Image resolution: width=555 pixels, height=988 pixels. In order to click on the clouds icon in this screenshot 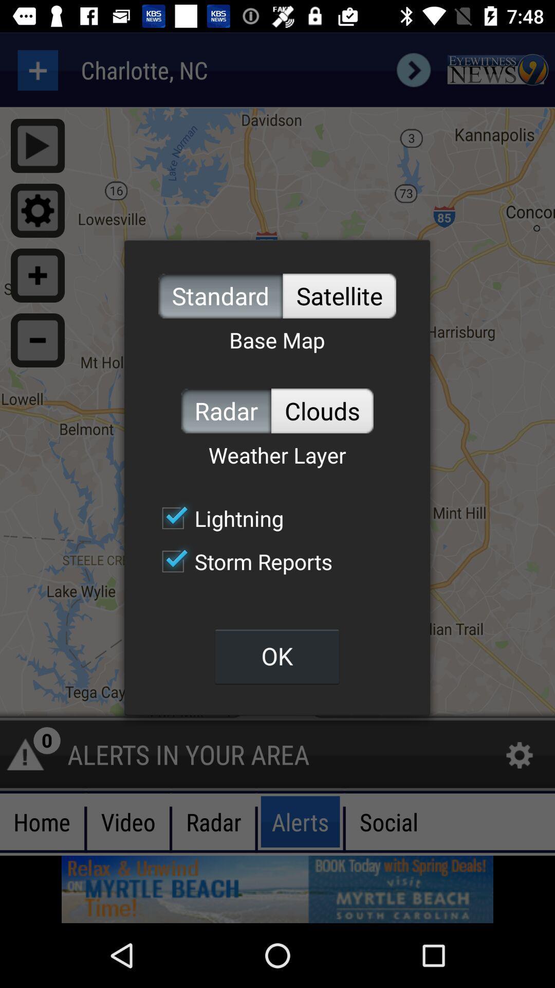, I will do `click(322, 410)`.